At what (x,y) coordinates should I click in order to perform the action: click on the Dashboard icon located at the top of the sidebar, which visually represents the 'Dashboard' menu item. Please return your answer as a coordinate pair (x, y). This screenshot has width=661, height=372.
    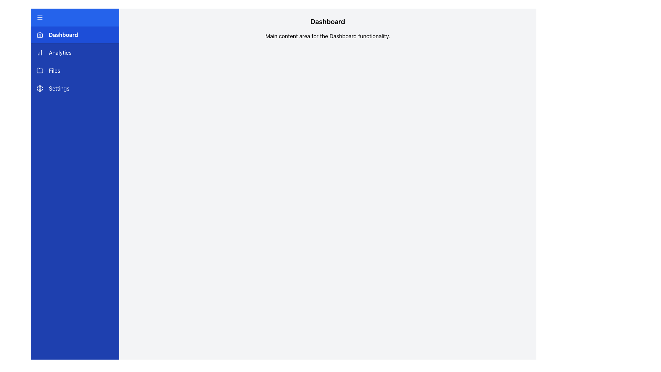
    Looking at the image, I should click on (39, 34).